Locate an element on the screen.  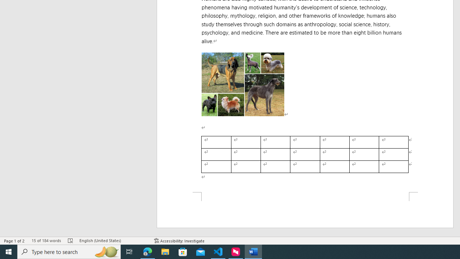
'Page Number Page 1 of 2' is located at coordinates (14, 241).